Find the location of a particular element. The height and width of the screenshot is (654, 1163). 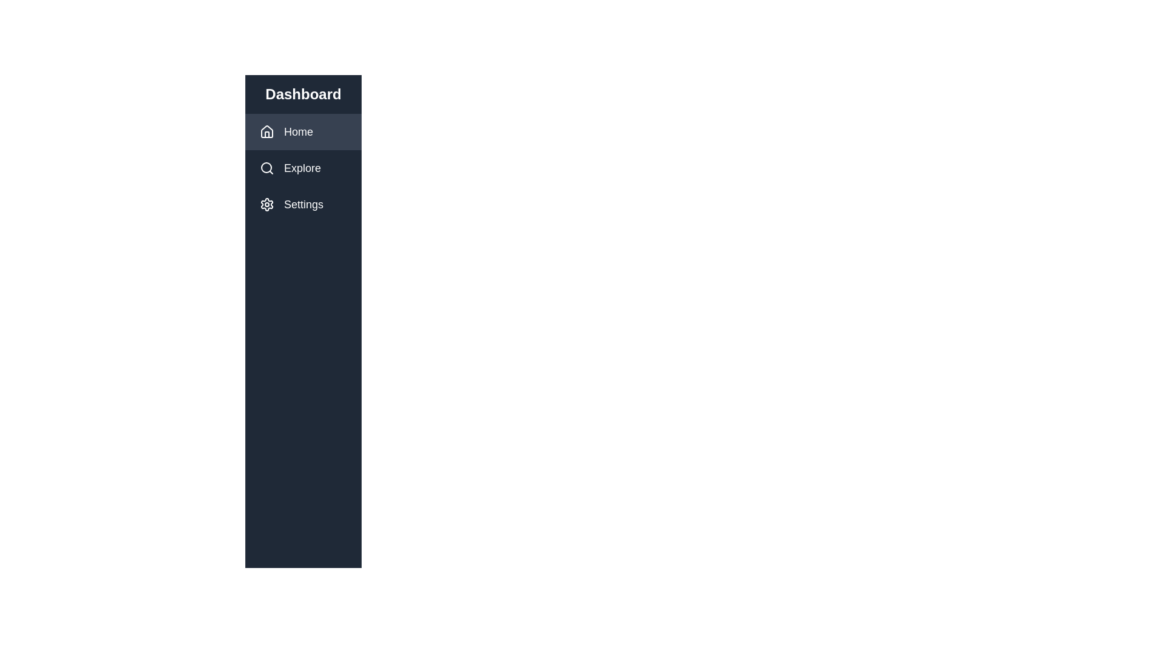

the house-shaped icon associated with the 'Home' option in the vertical menu is located at coordinates (267, 132).